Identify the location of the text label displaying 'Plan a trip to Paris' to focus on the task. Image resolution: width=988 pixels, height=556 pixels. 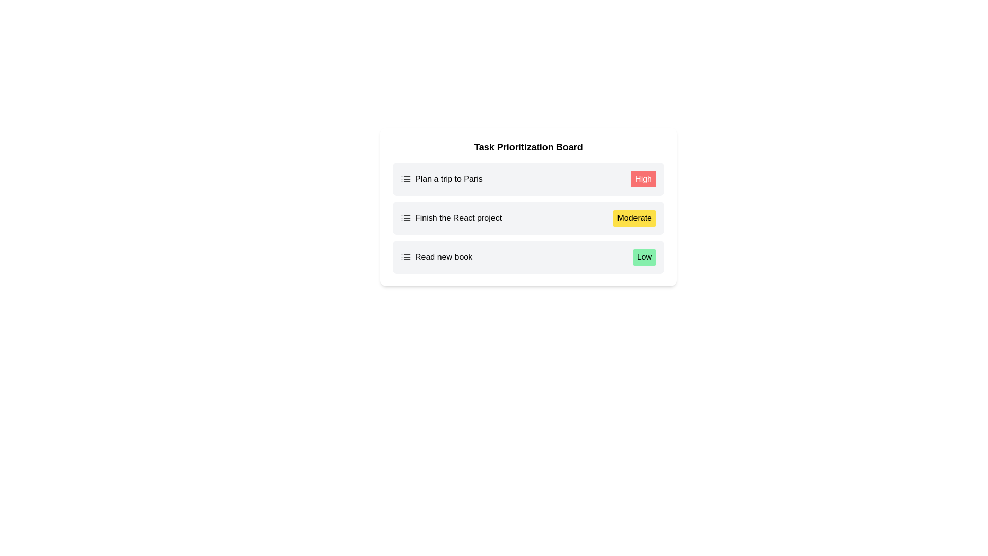
(442, 178).